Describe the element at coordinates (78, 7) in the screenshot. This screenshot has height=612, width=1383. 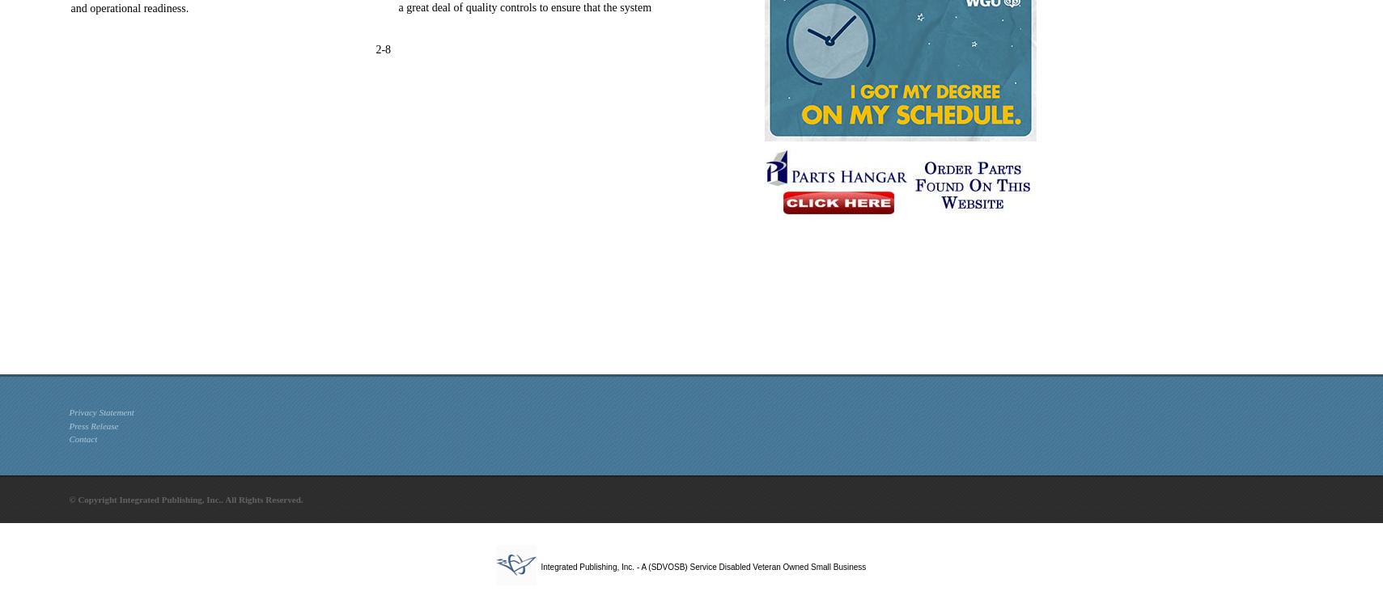
I see `'and'` at that location.